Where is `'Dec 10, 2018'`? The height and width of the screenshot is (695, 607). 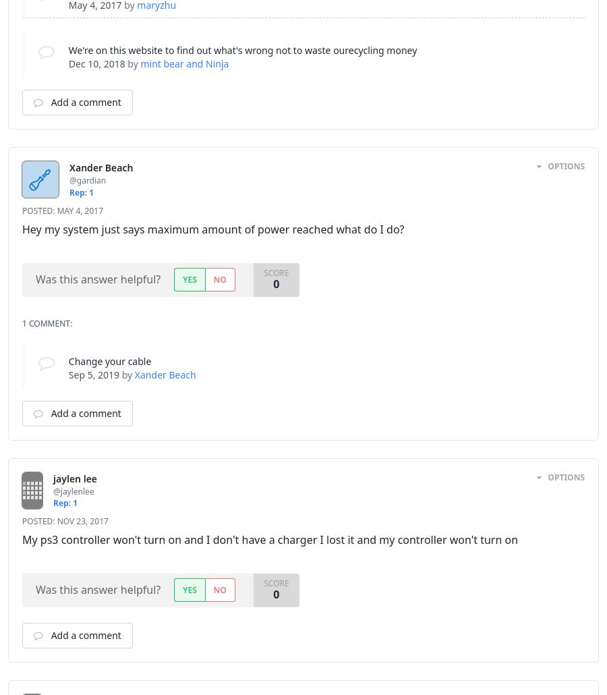 'Dec 10, 2018' is located at coordinates (96, 63).